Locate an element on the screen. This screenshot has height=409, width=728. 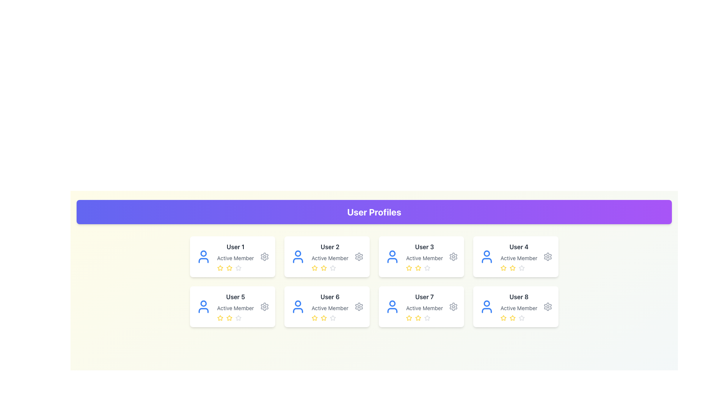
the second yellow star-shaped icon in the rating system for 'User 7' in the user profile interface is located at coordinates (418, 318).